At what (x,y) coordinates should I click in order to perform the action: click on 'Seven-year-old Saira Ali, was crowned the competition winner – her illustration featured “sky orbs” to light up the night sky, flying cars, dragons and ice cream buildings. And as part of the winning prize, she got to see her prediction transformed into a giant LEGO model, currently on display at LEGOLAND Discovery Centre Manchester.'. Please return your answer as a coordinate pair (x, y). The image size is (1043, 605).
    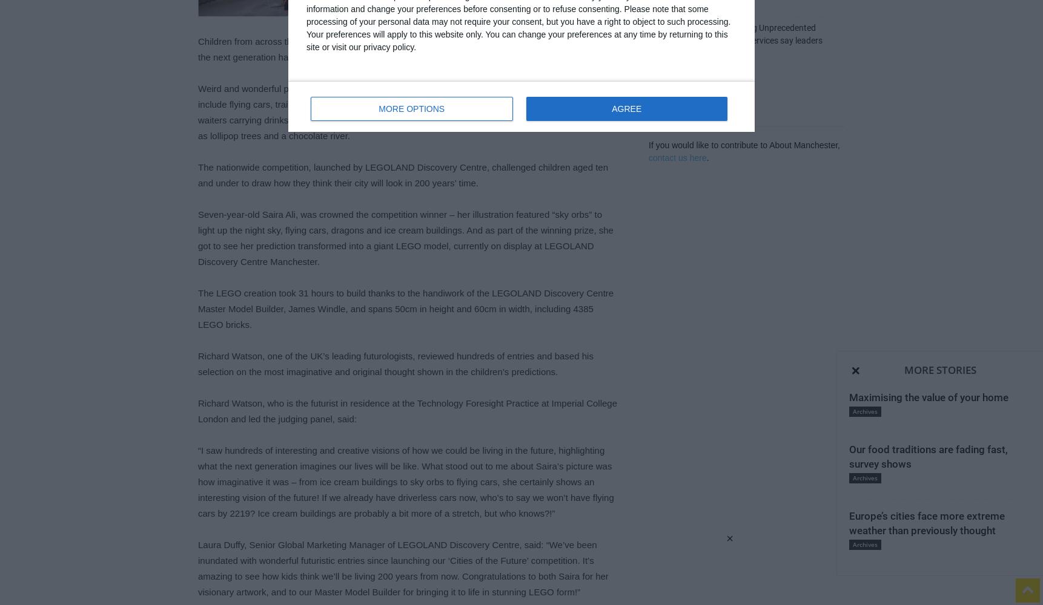
    Looking at the image, I should click on (197, 238).